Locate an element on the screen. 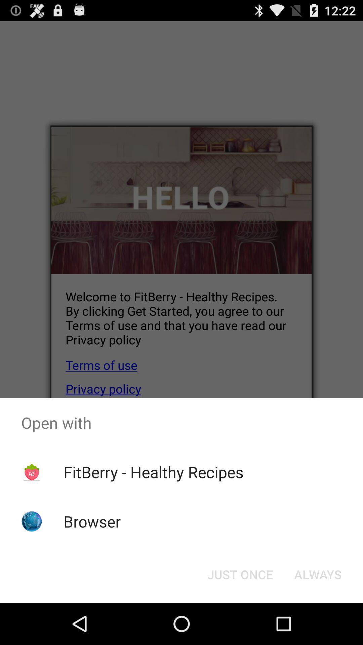  fitberry - healthy recipes icon is located at coordinates (153, 472).